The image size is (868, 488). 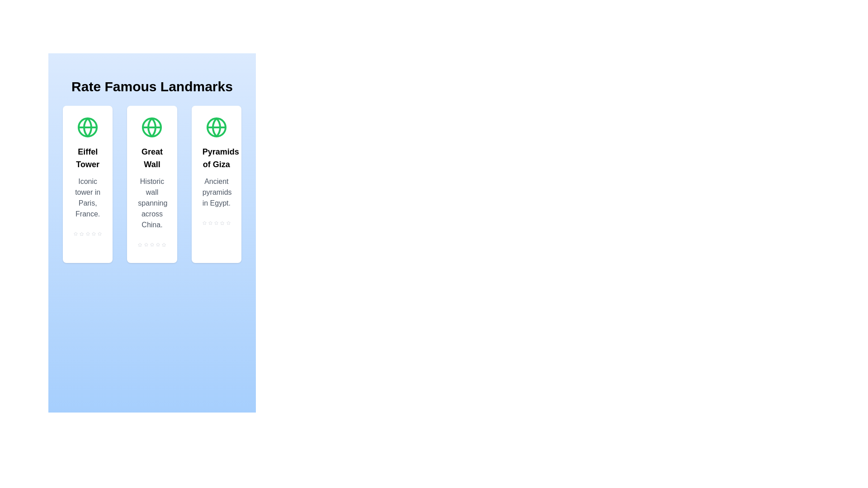 What do you see at coordinates (152, 184) in the screenshot?
I see `the landmark card for Great Wall to view its hover effect` at bounding box center [152, 184].